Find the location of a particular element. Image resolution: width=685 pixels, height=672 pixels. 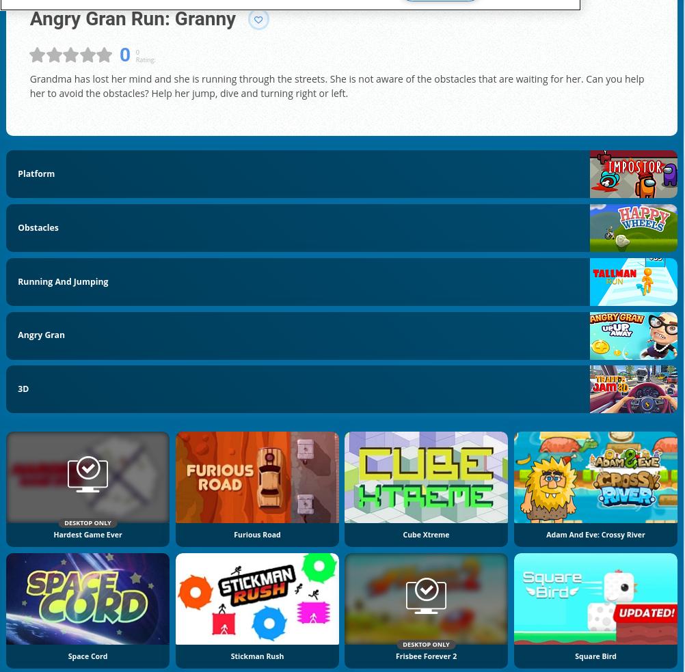

'Angry Gran' is located at coordinates (41, 335).